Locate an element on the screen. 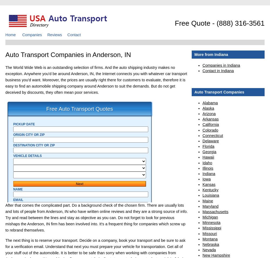 Image resolution: width=270 pixels, height=258 pixels. 'Montana' is located at coordinates (210, 239).